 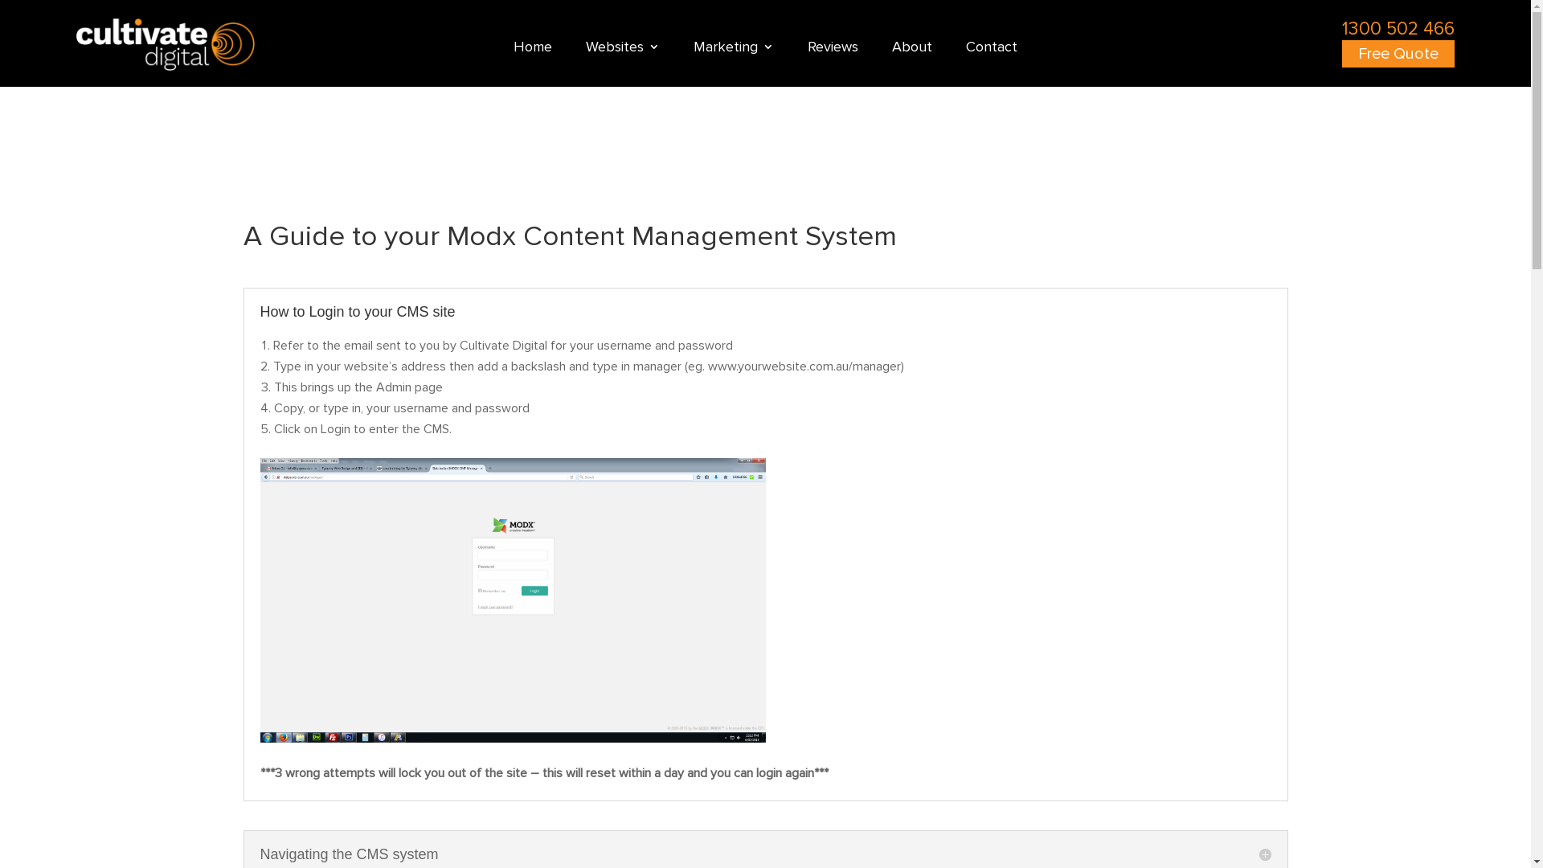 What do you see at coordinates (732, 48) in the screenshot?
I see `'Marketing'` at bounding box center [732, 48].